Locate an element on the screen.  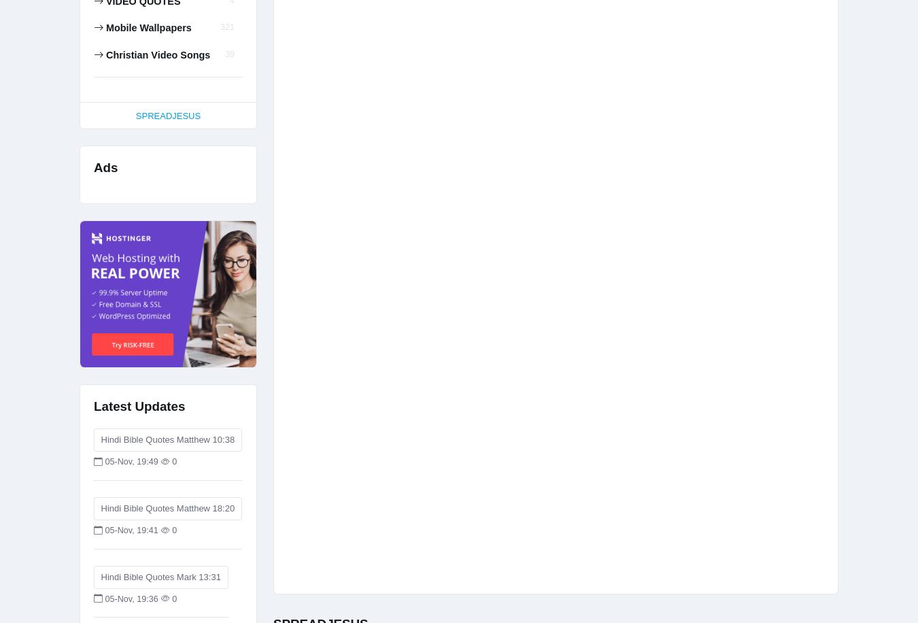
'© Copyright © 2023.' is located at coordinates (567, 107).